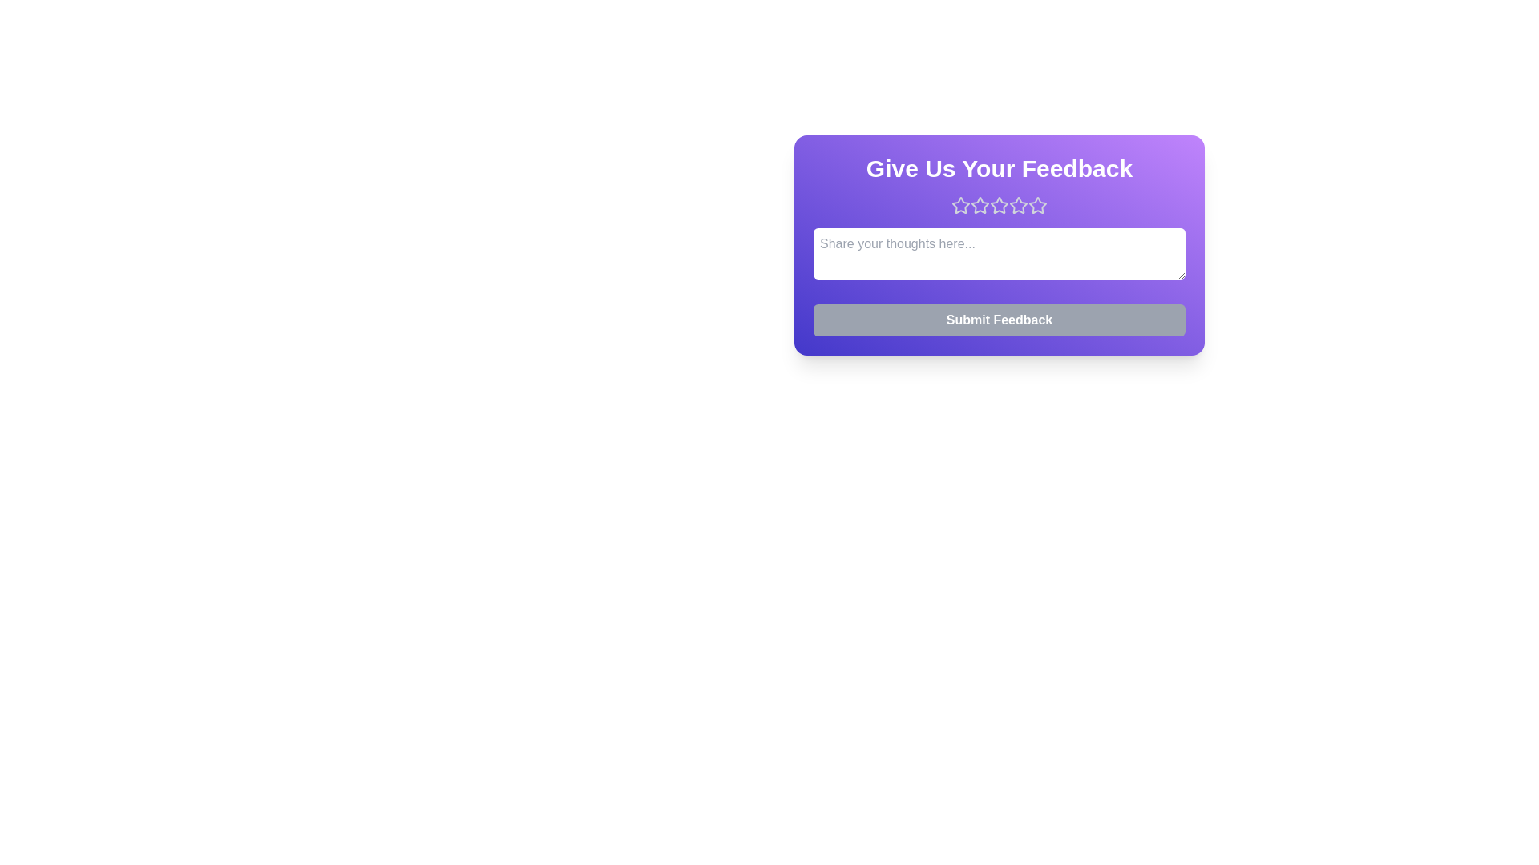  Describe the element at coordinates (961, 205) in the screenshot. I see `the star corresponding to the rating 1 to set the feedback score` at that location.